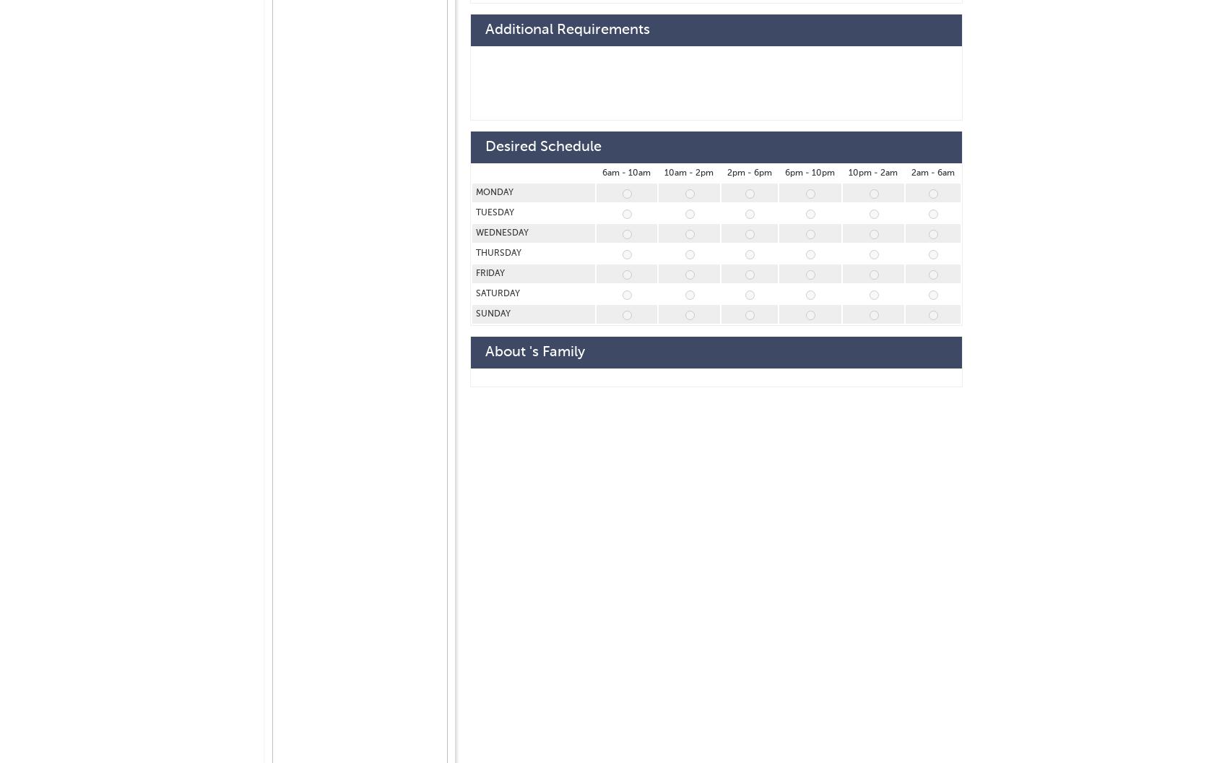 The height and width of the screenshot is (763, 1222). What do you see at coordinates (625, 173) in the screenshot?
I see `'6am - 10am'` at bounding box center [625, 173].